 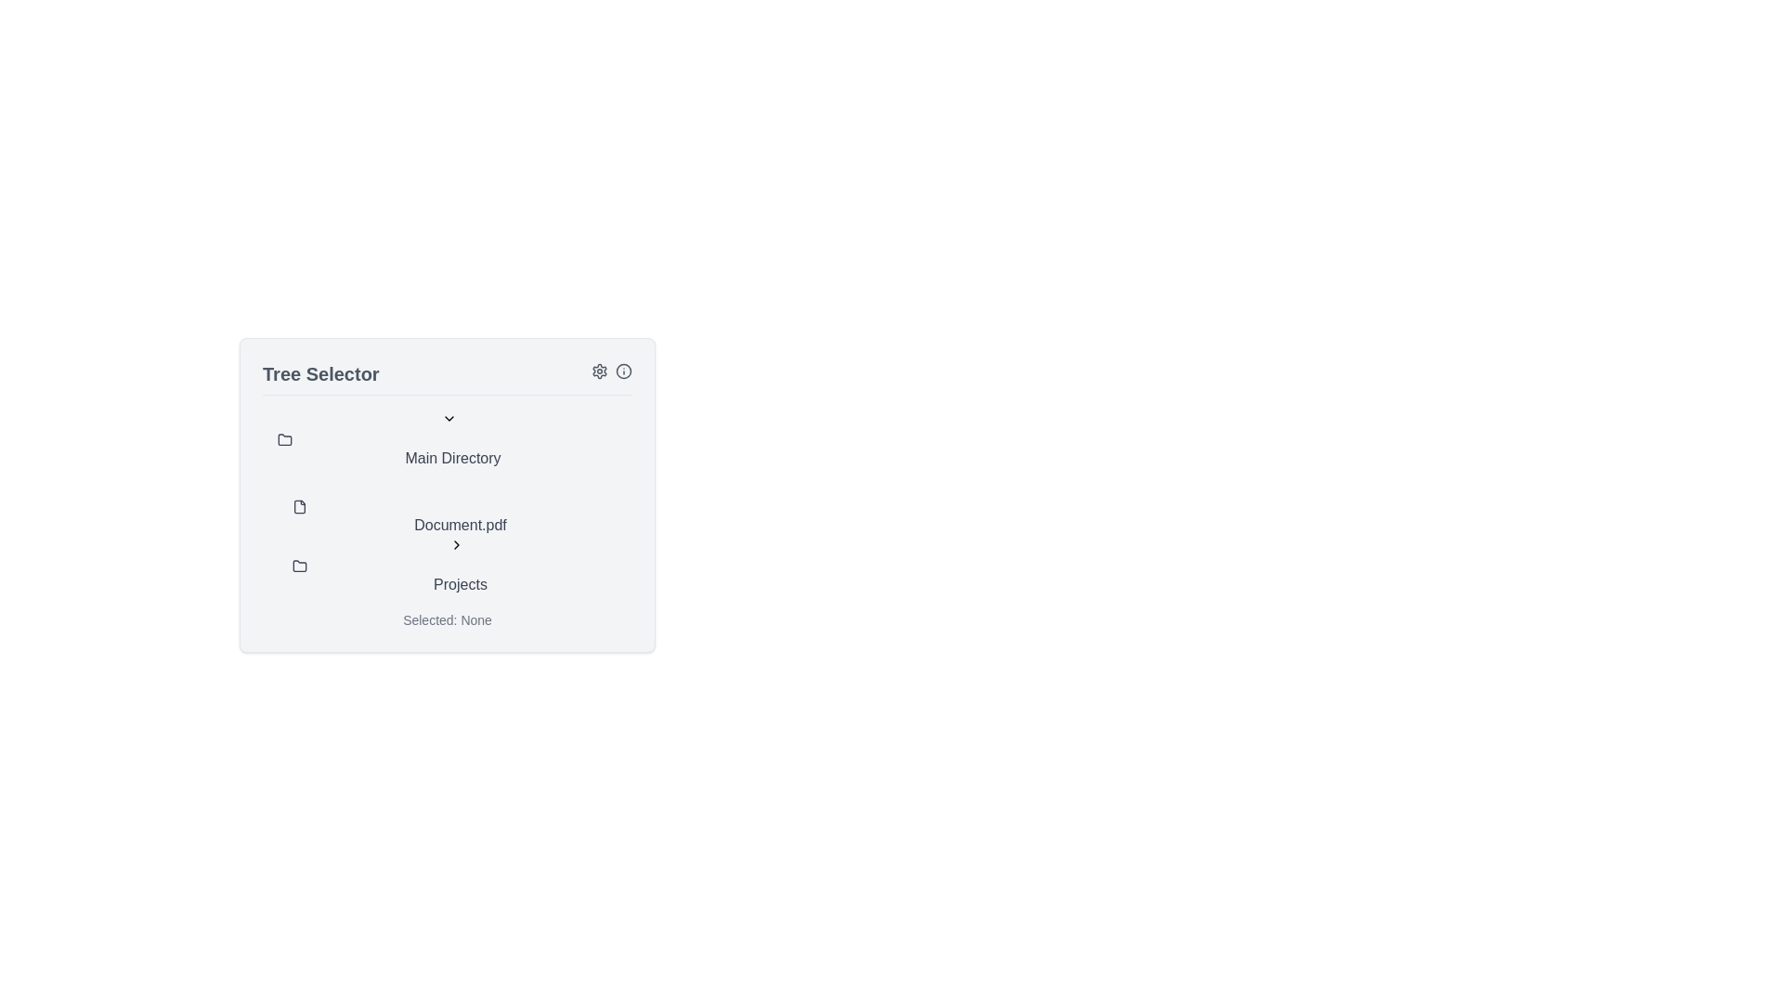 What do you see at coordinates (462, 565) in the screenshot?
I see `the 'Projects' folder item` at bounding box center [462, 565].